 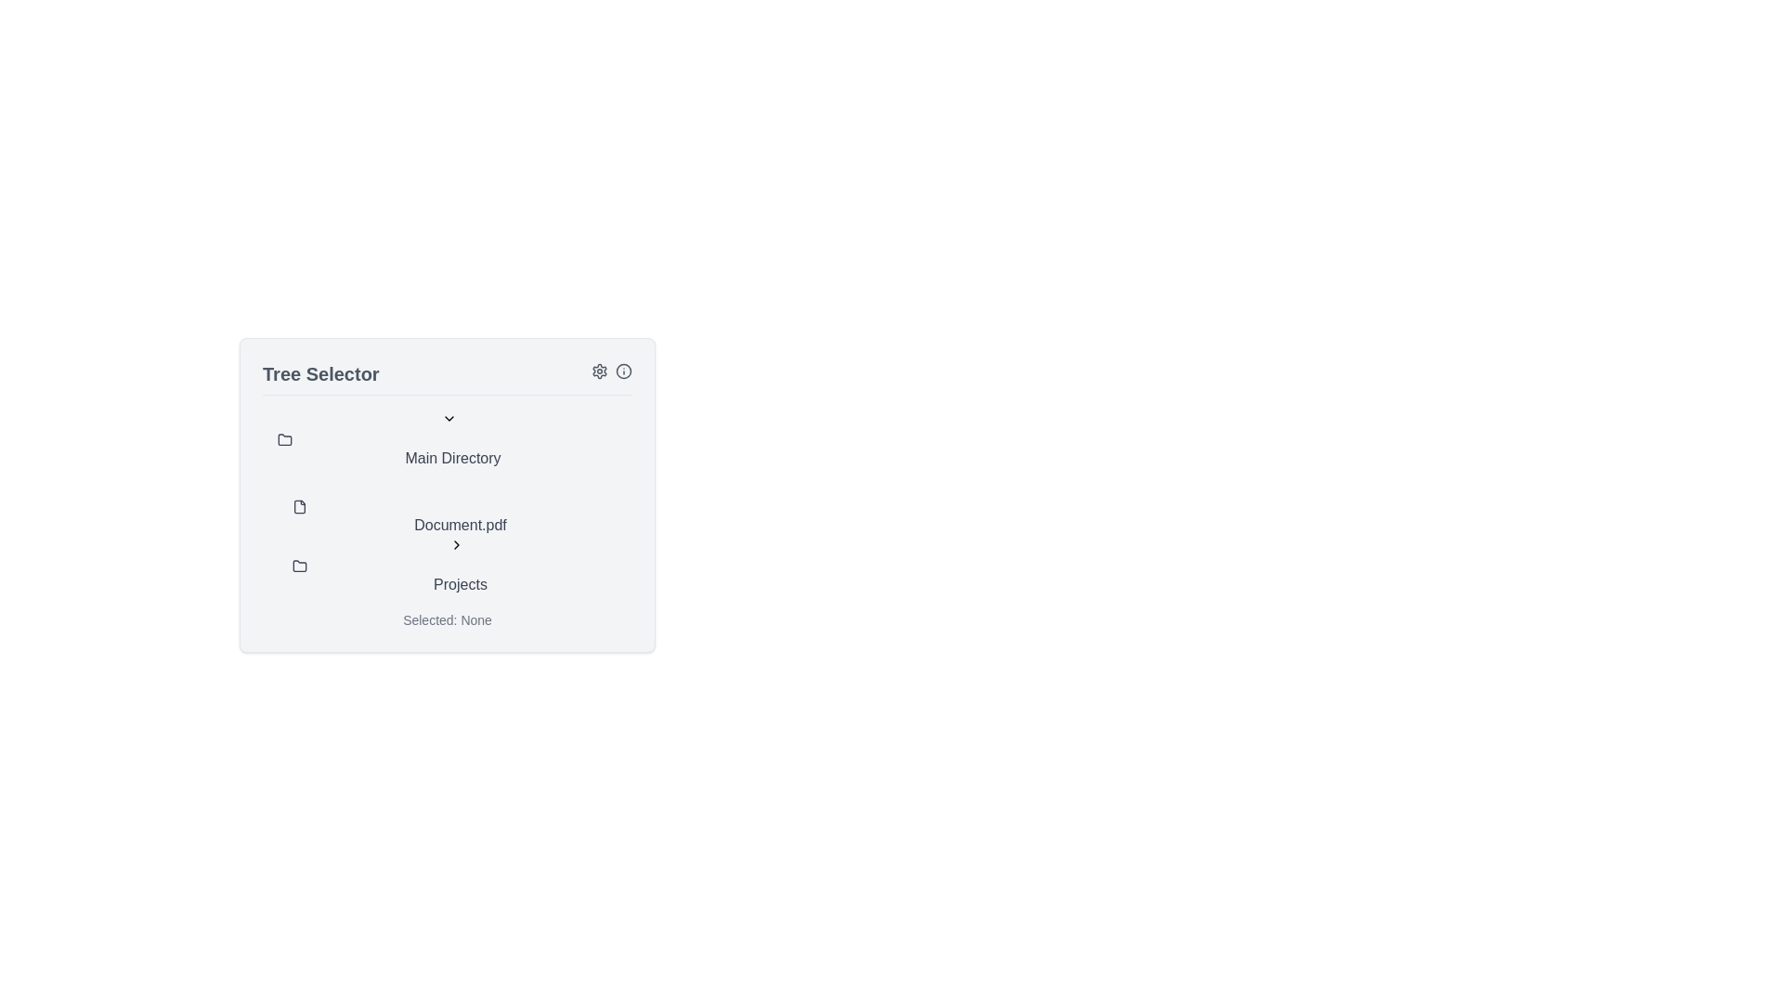 What do you see at coordinates (462, 565) in the screenshot?
I see `the 'Projects' folder item` at bounding box center [462, 565].